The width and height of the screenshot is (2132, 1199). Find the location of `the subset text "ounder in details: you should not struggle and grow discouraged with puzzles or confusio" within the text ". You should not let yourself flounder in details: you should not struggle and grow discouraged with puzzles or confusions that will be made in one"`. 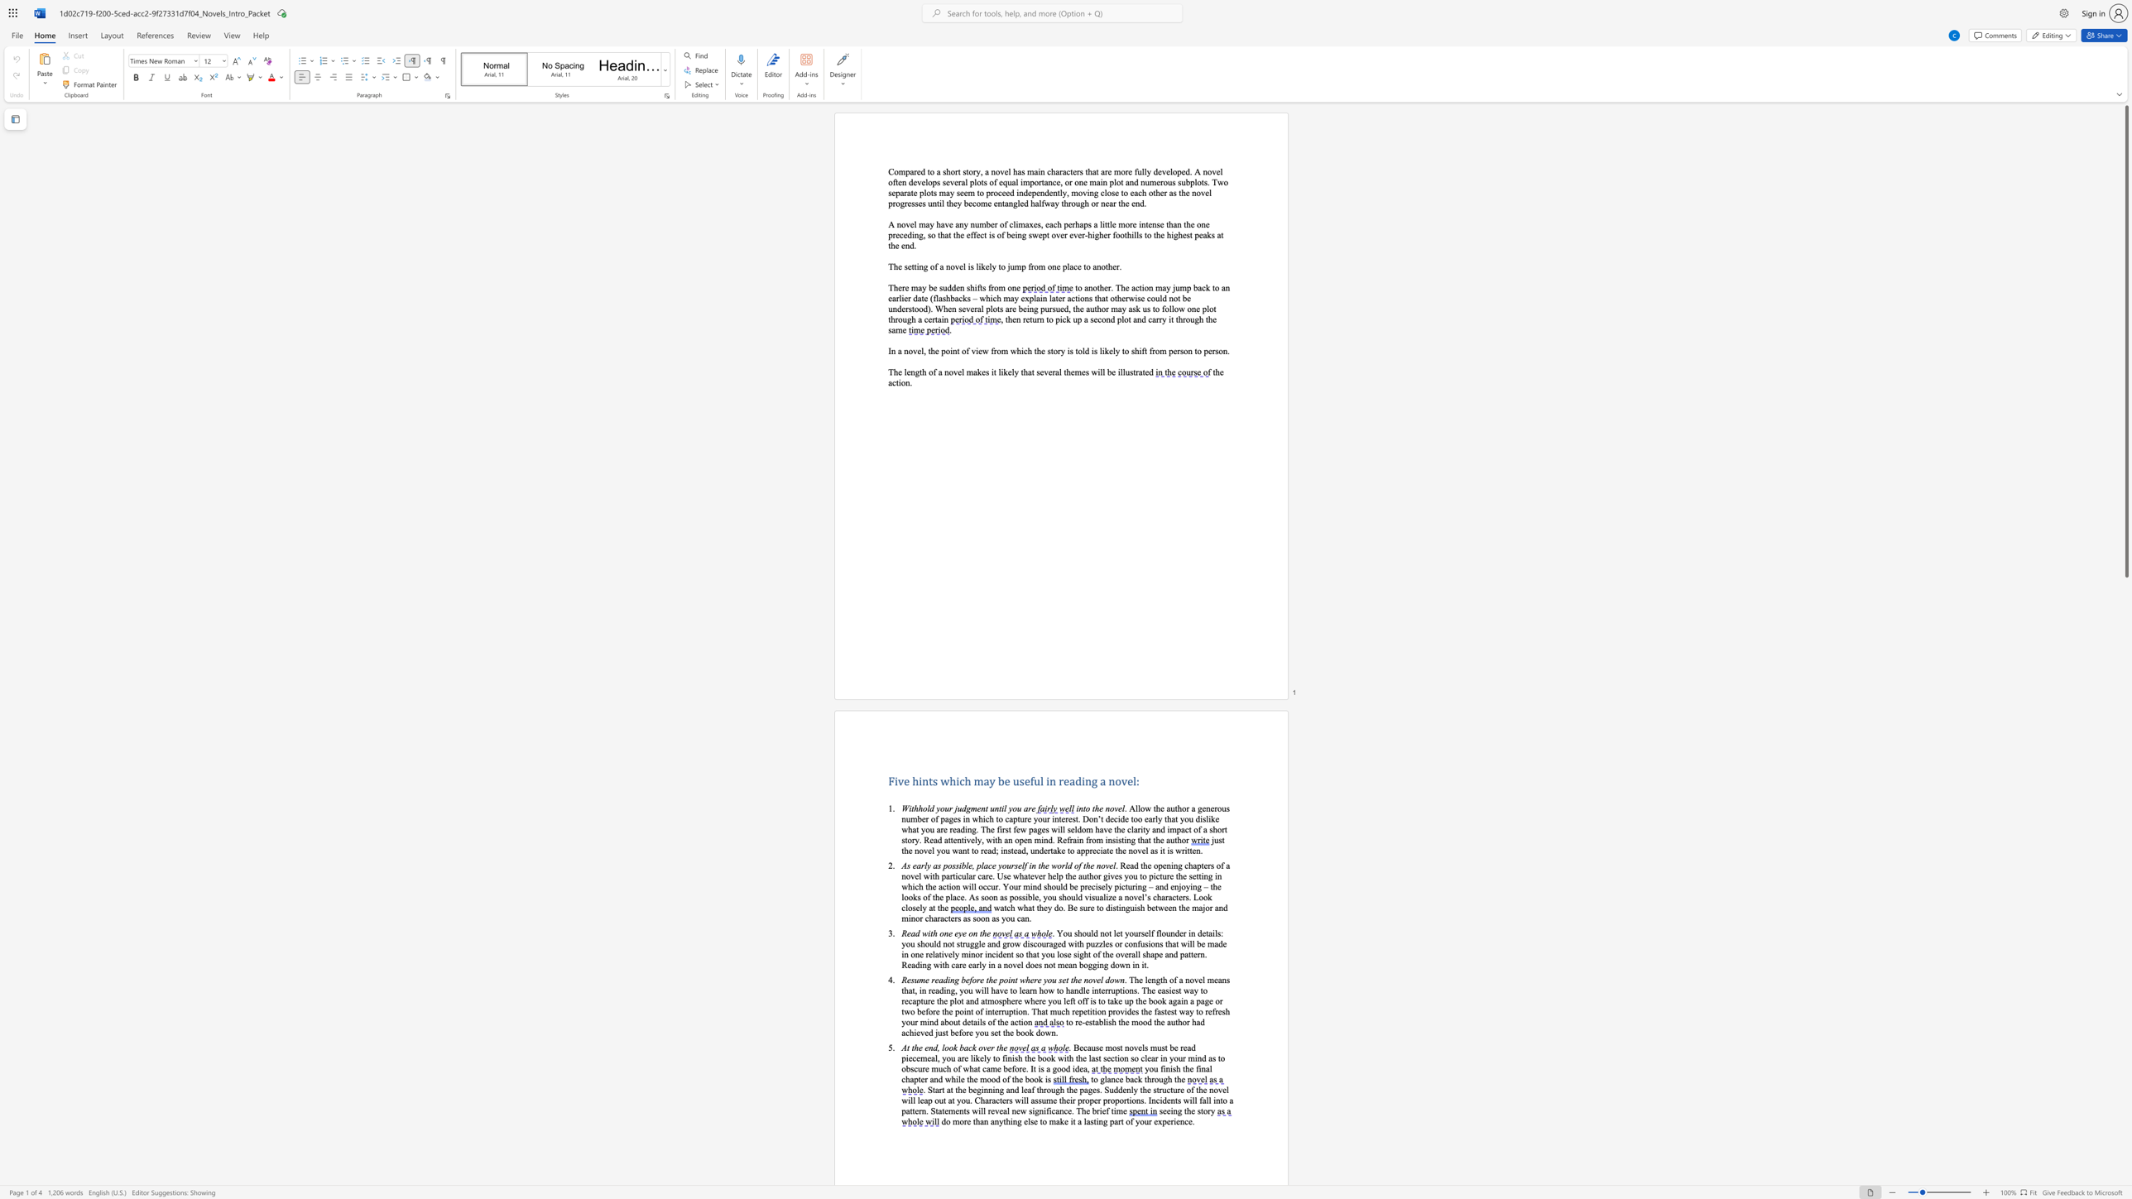

the subset text "ounder in details: you should not struggle and grow discouraged with puzzles or confusio" within the text ". You should not let yourself flounder in details: you should not struggle and grow discouraged with puzzles or confusions that will be made in one" is located at coordinates (1161, 933).